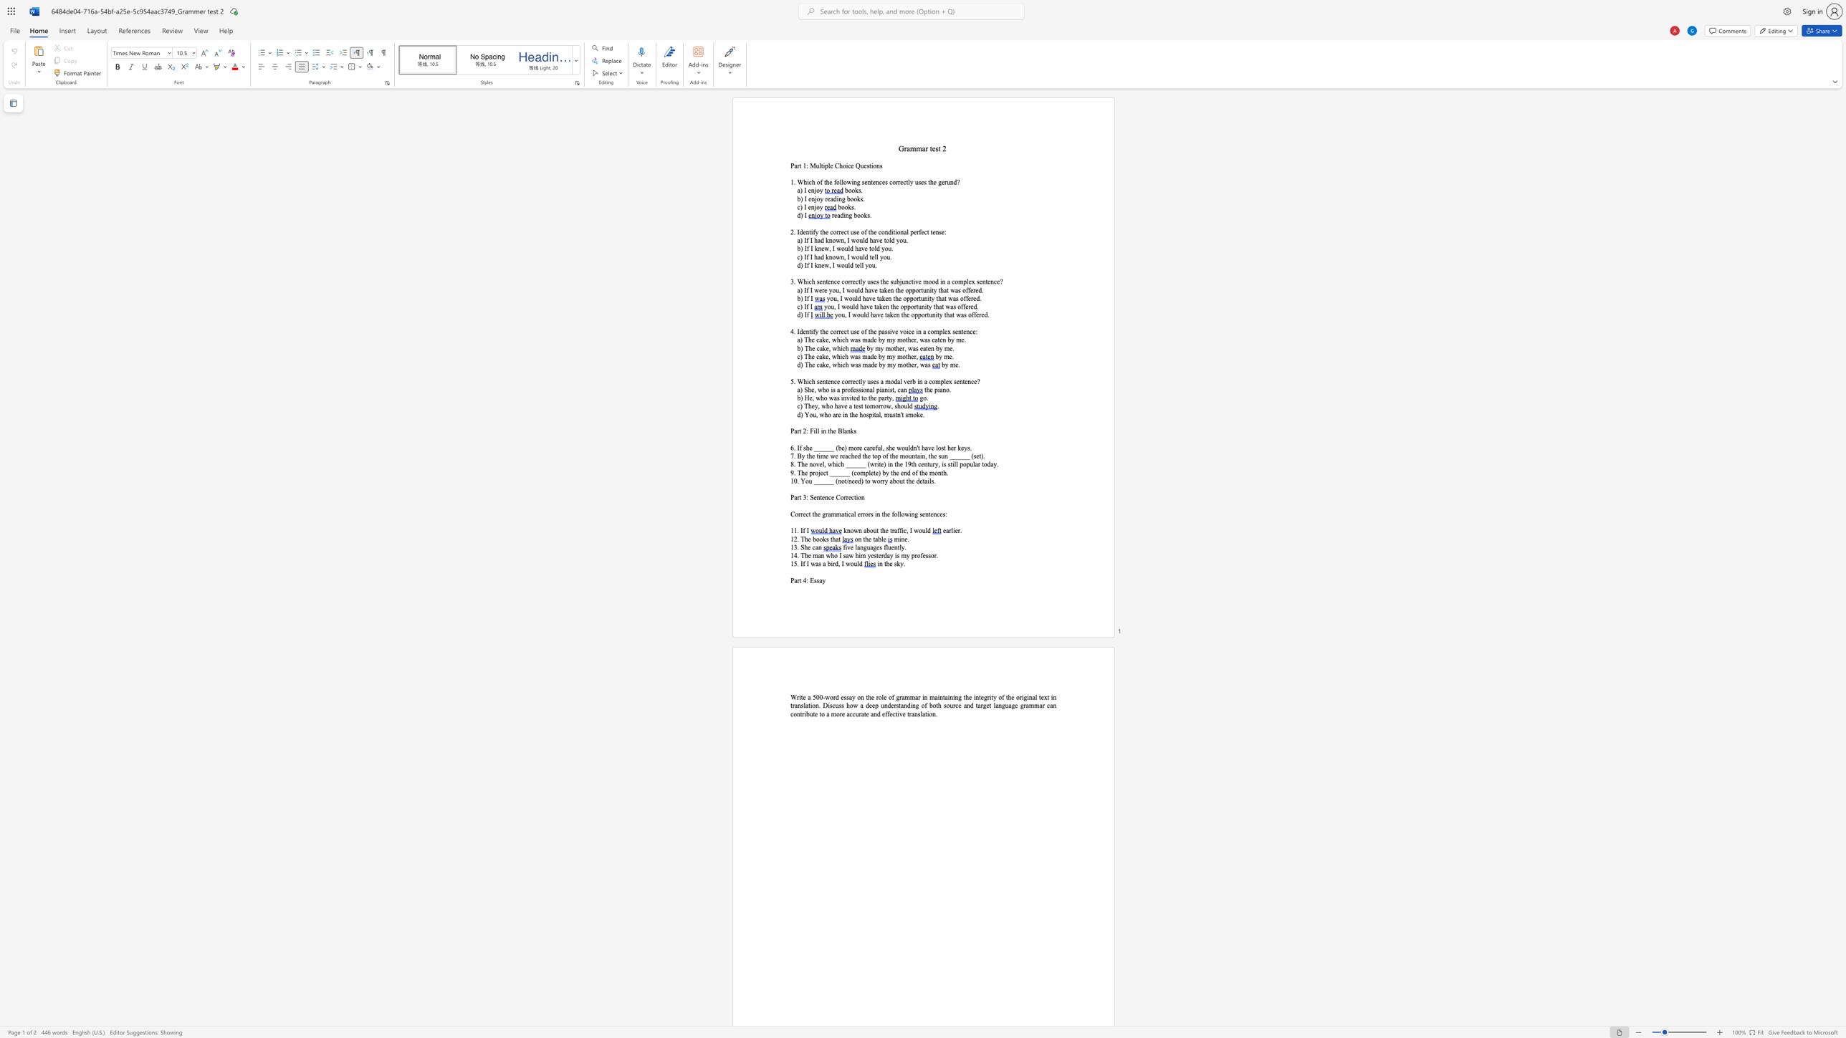 The image size is (1846, 1038). Describe the element at coordinates (834, 215) in the screenshot. I see `the space between the continuous character "r" and "e" in the text` at that location.